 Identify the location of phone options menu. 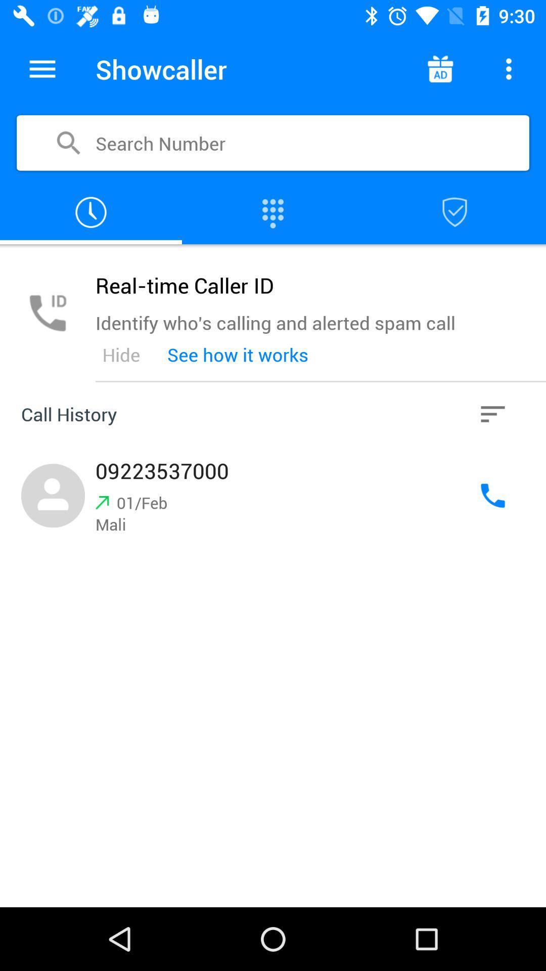
(509, 68).